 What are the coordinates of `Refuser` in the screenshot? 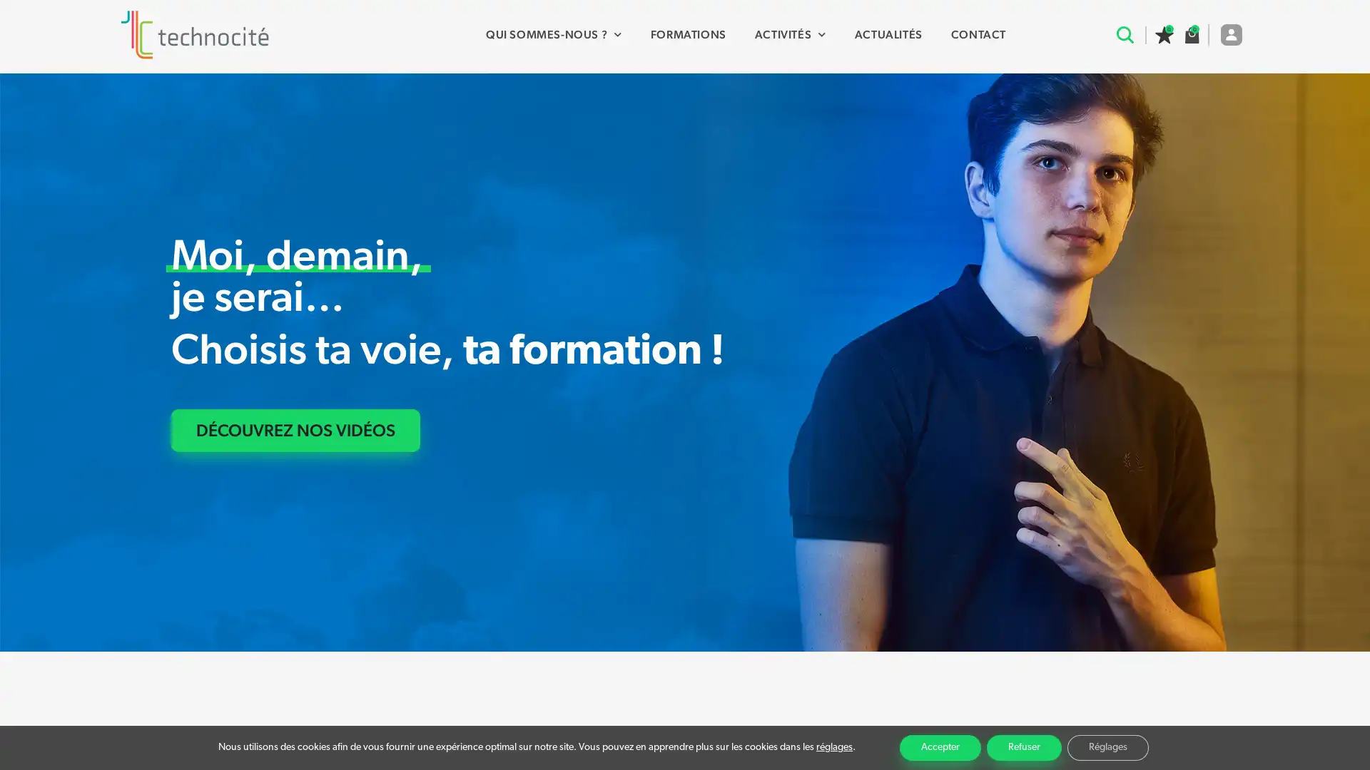 It's located at (1023, 747).